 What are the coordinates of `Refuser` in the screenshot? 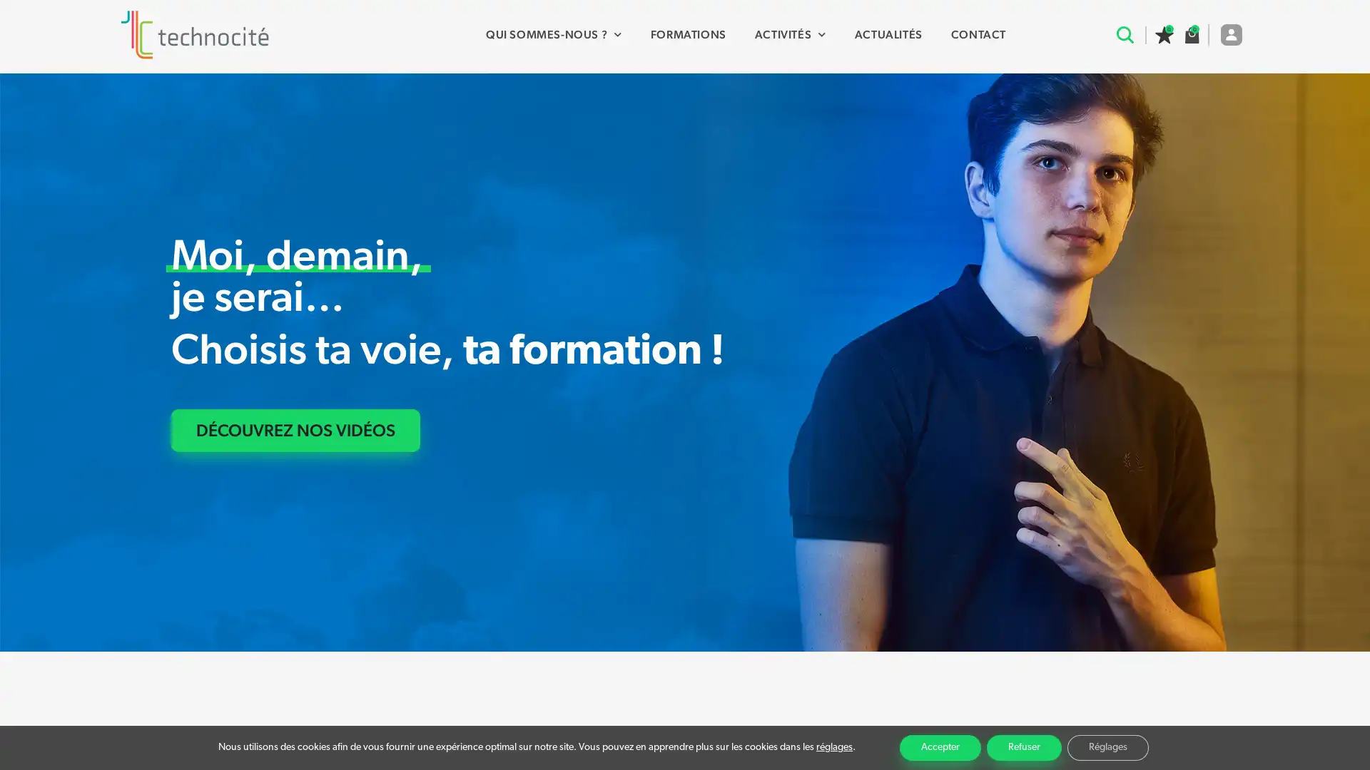 It's located at (1023, 747).